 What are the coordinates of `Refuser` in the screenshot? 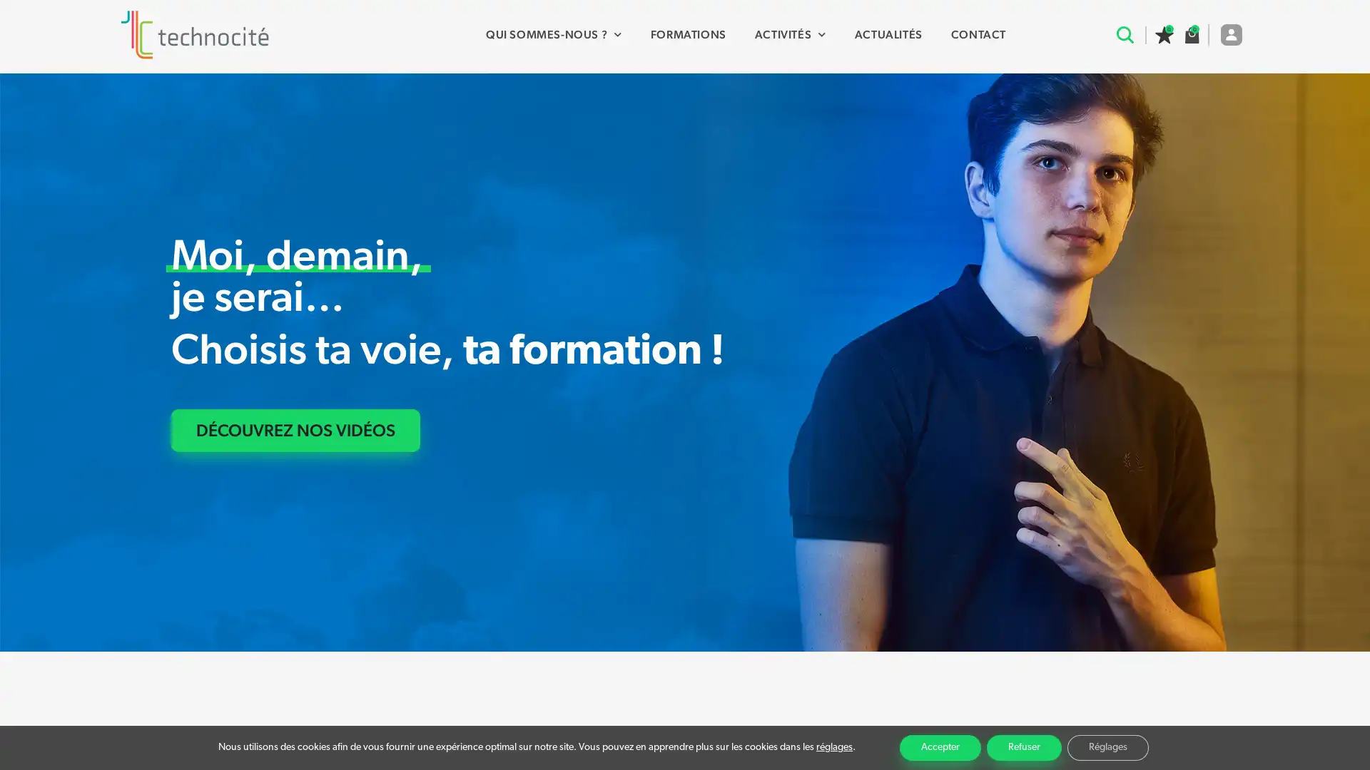 It's located at (1023, 747).